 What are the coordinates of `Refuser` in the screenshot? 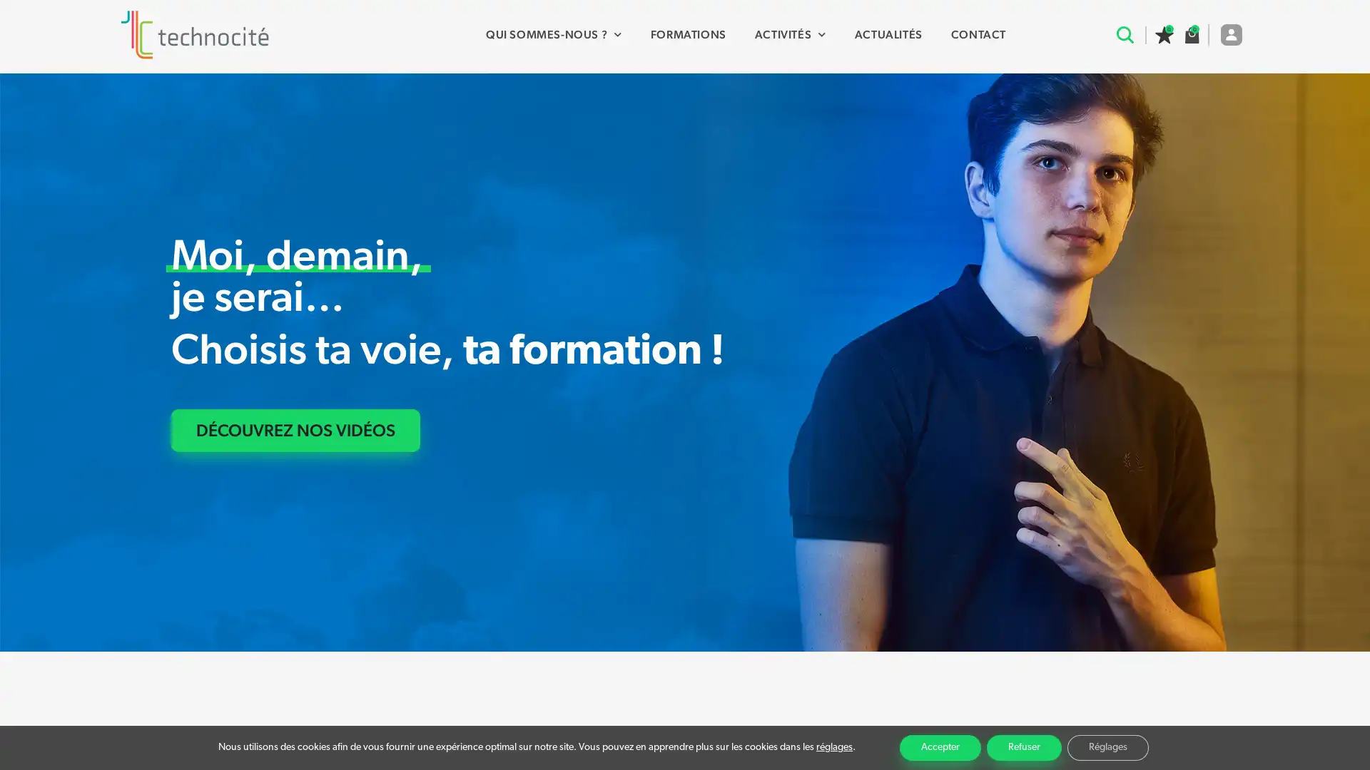 It's located at (1023, 747).